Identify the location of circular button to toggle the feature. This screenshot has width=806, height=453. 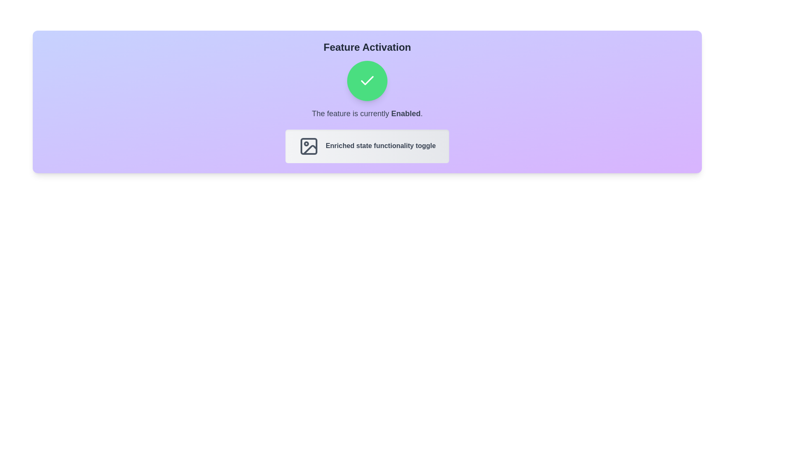
(367, 81).